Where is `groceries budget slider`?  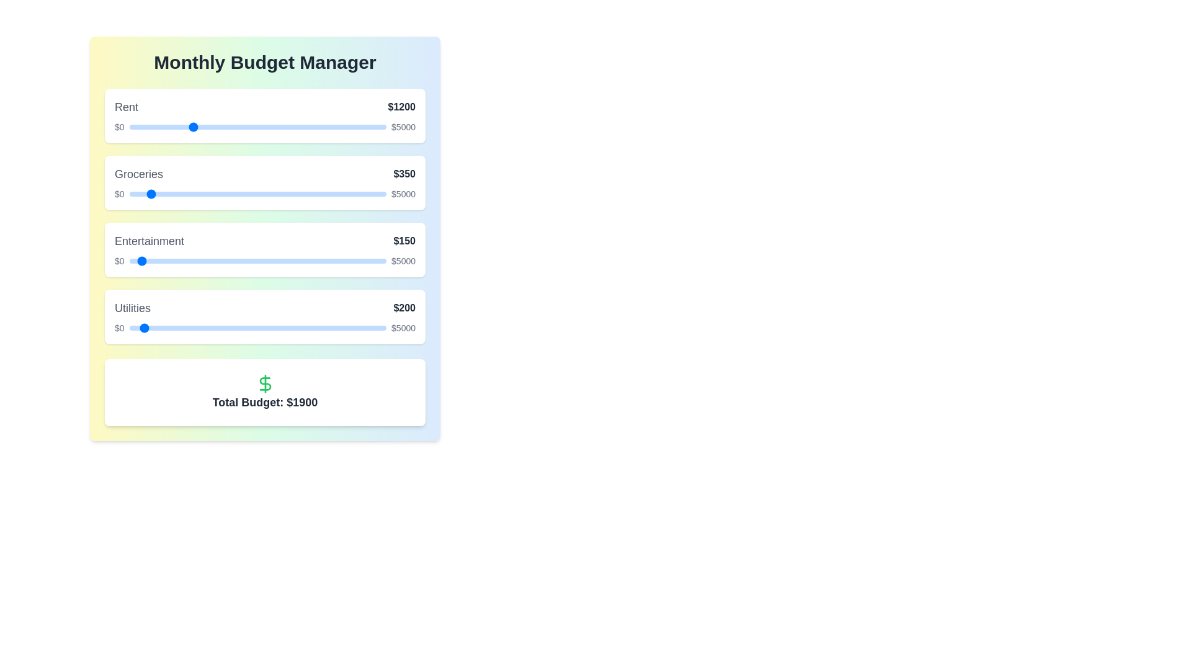 groceries budget slider is located at coordinates (262, 194).